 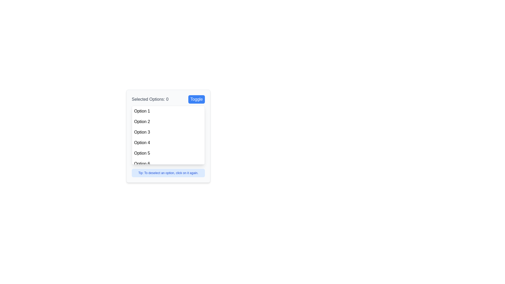 What do you see at coordinates (168, 153) in the screenshot?
I see `the 'Option 5' list item` at bounding box center [168, 153].